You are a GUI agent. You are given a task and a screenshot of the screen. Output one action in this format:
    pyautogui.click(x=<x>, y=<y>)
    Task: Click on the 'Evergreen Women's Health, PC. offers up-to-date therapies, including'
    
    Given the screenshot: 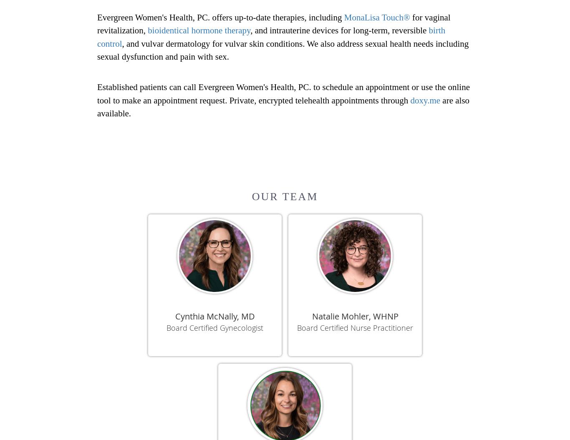 What is the action you would take?
    pyautogui.click(x=97, y=17)
    